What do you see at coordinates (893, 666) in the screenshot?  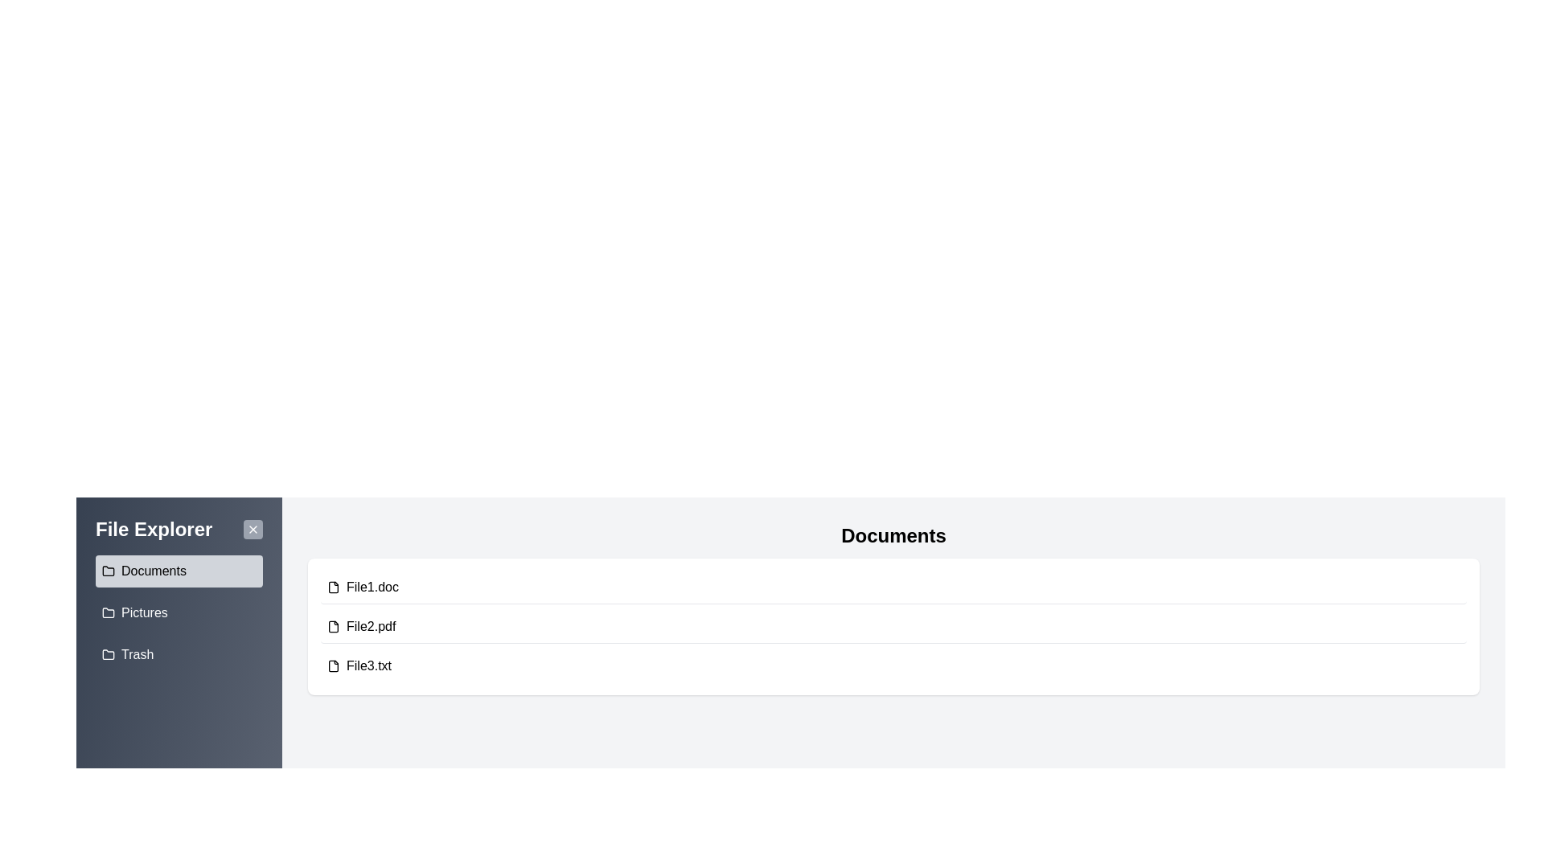 I see `the file File3.txt to highlight it` at bounding box center [893, 666].